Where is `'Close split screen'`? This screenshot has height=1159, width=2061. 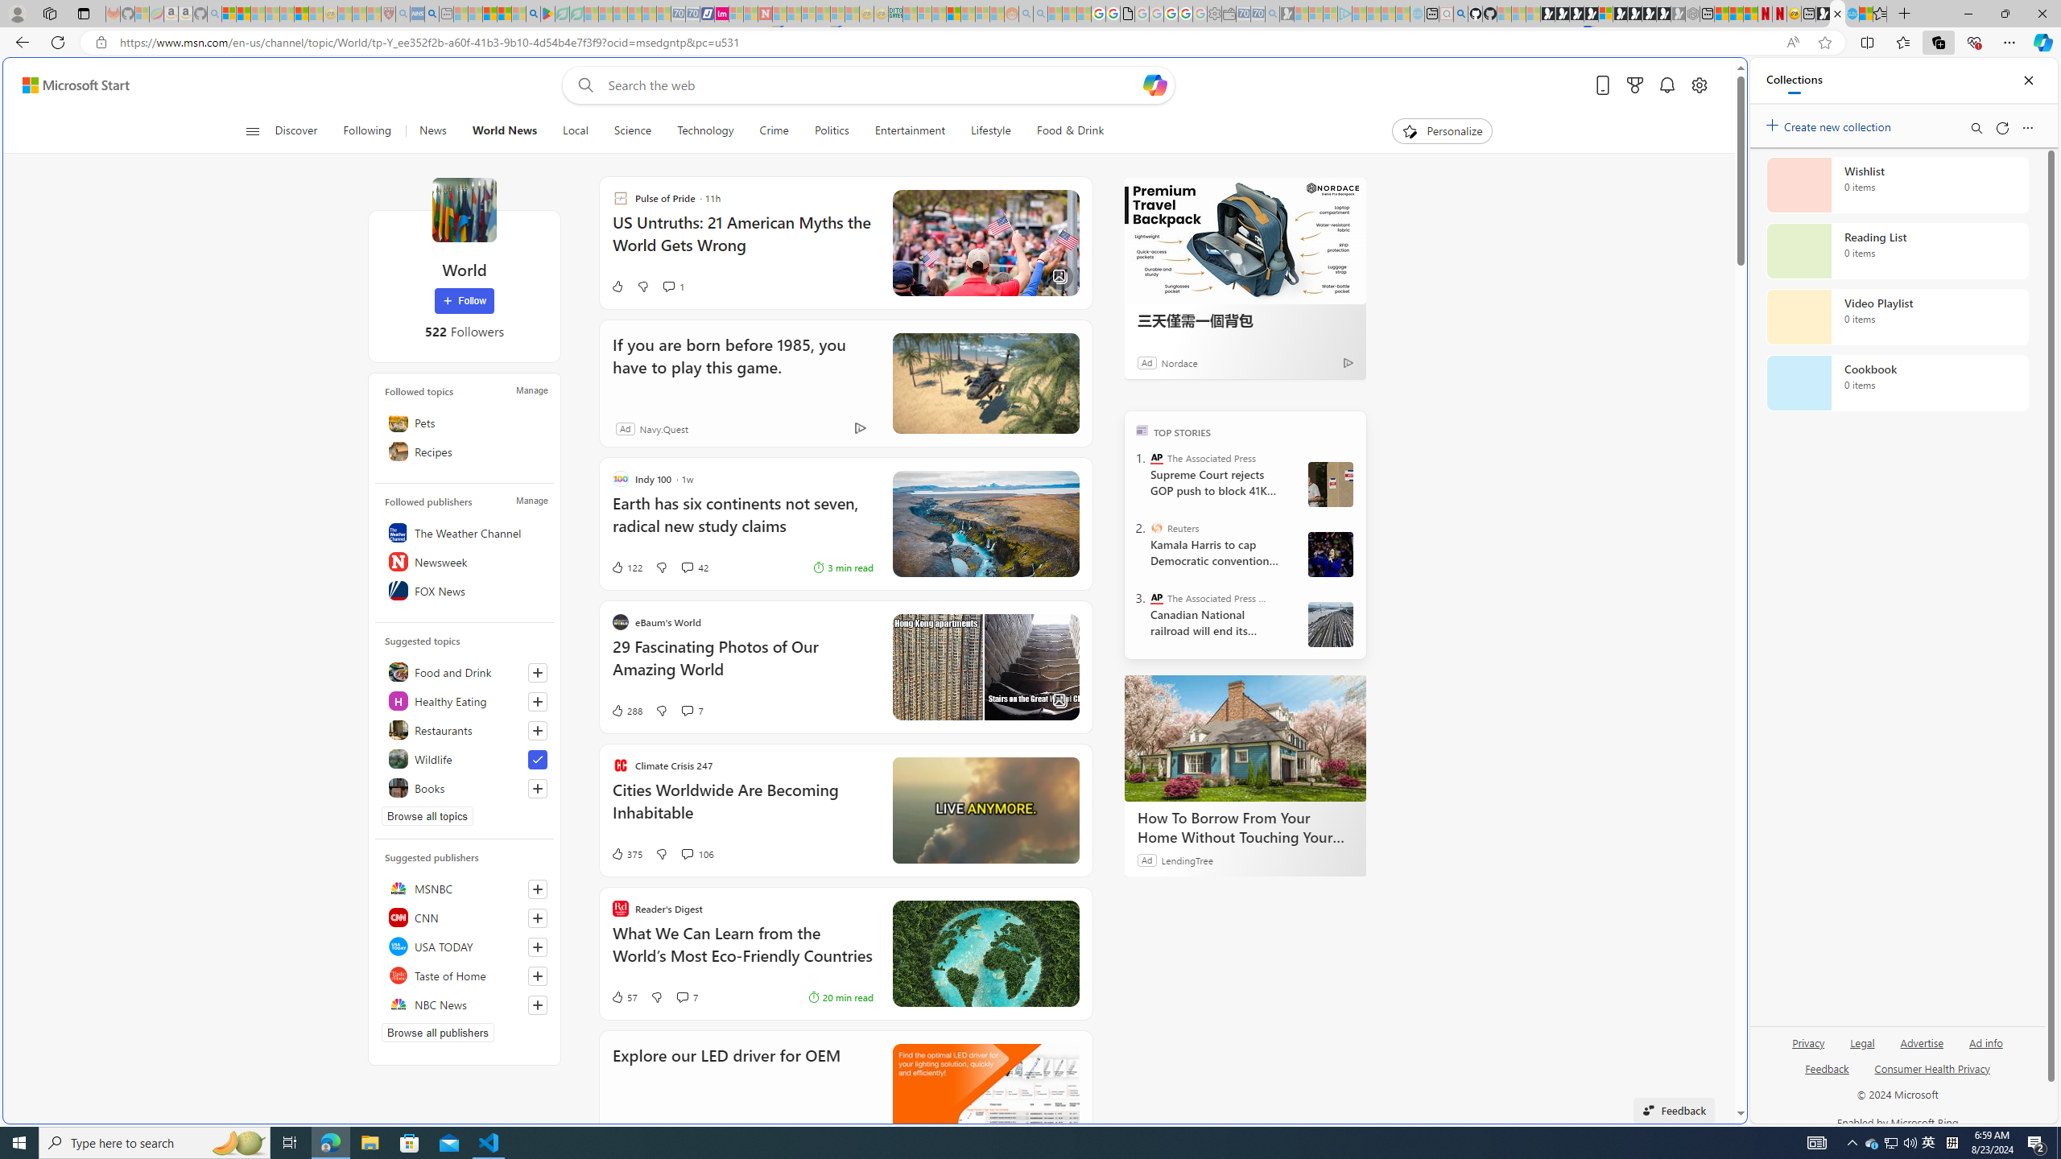 'Close split screen' is located at coordinates (1709, 80).